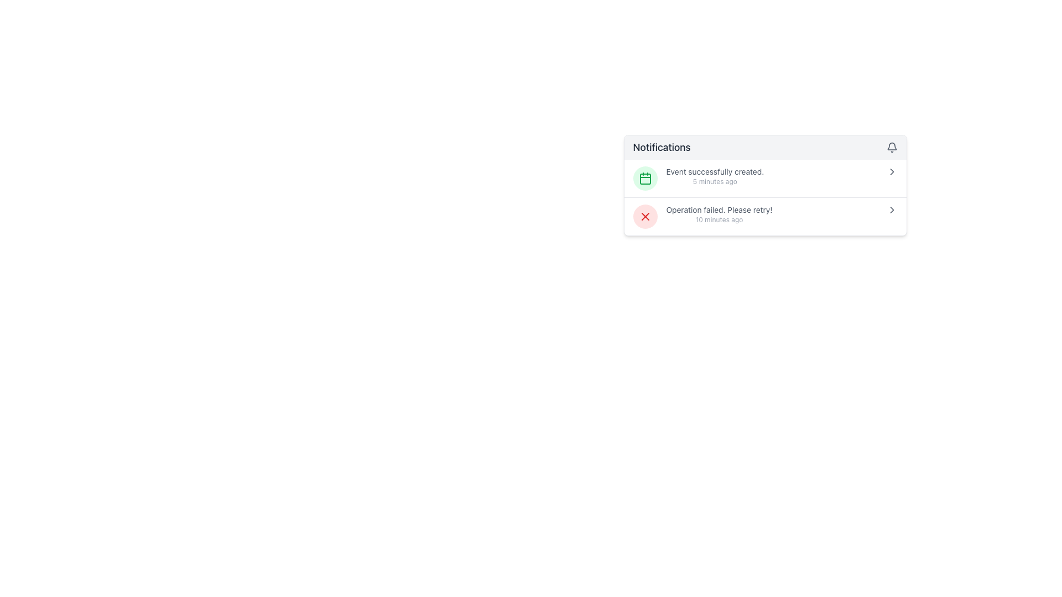 This screenshot has width=1062, height=597. What do you see at coordinates (719, 214) in the screenshot?
I see `error message displayed in the text block located in the notification card, positioned below the green notification item and to the right of the red circular icon with a white cross` at bounding box center [719, 214].